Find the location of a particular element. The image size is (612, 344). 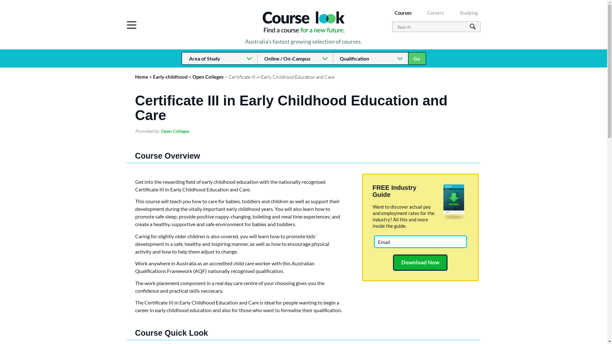

'Online / On-Campus' is located at coordinates (295, 58).